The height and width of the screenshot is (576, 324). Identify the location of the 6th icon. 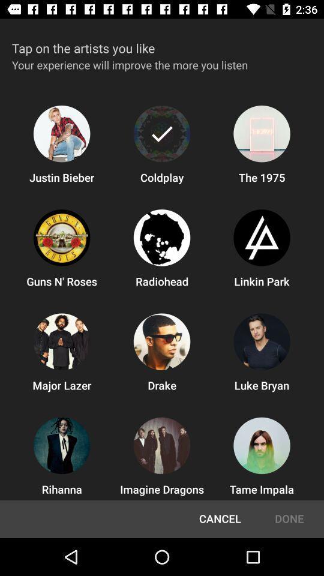
(261, 237).